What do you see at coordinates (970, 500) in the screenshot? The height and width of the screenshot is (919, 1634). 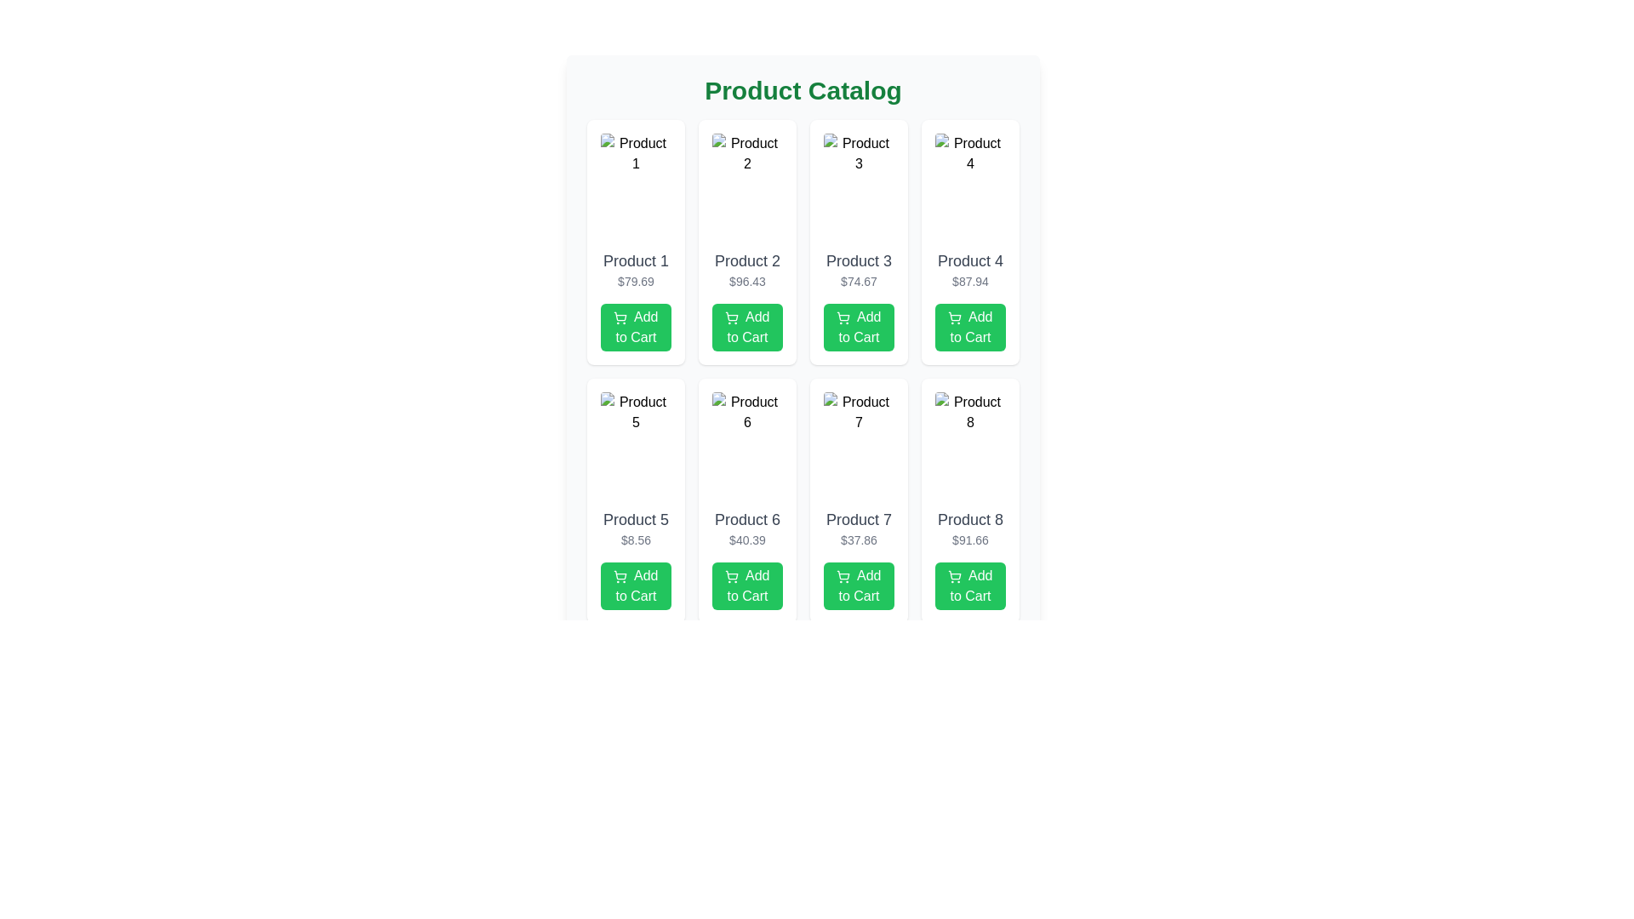 I see `the 'Product 8' catalog card located at the bottom right corner of the product grid` at bounding box center [970, 500].